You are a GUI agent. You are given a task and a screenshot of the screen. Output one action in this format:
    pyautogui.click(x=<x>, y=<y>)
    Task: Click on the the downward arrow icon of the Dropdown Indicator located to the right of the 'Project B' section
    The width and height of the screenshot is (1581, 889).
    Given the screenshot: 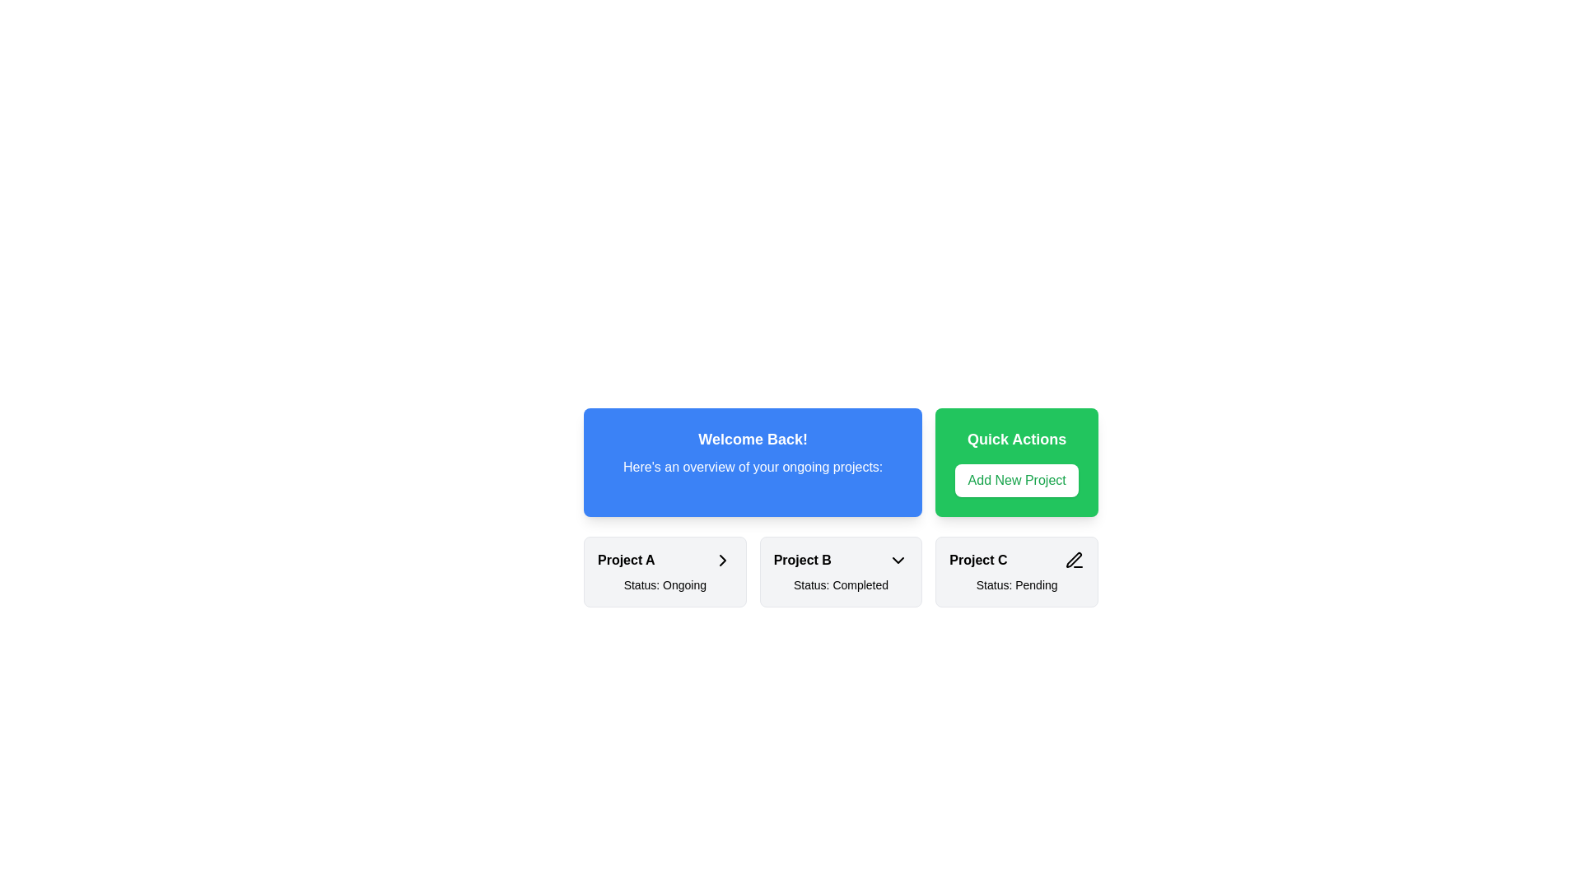 What is the action you would take?
    pyautogui.click(x=898, y=560)
    